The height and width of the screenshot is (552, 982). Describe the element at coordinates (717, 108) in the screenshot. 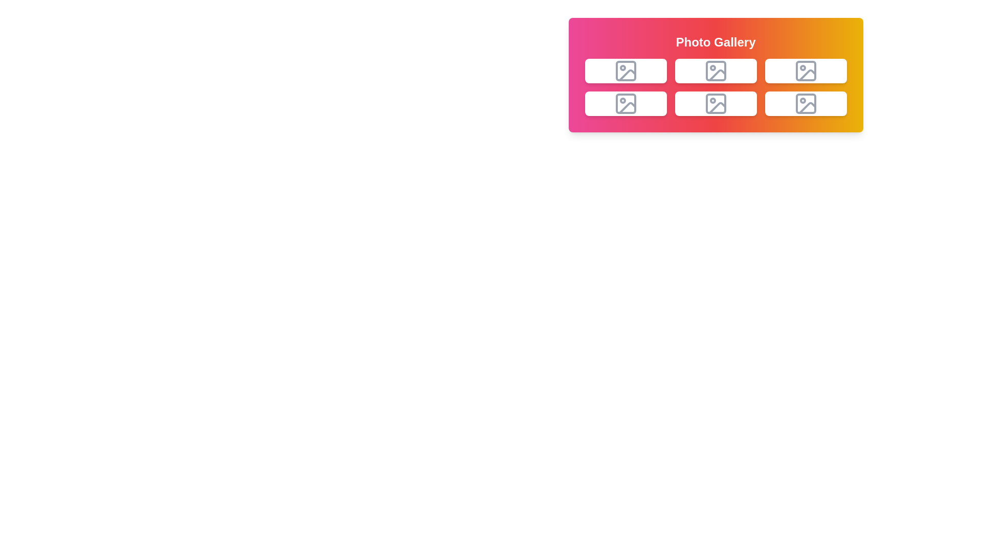

I see `the icon resembling a mountain peak located in the third image panel of the second row in the photo gallery grid` at that location.